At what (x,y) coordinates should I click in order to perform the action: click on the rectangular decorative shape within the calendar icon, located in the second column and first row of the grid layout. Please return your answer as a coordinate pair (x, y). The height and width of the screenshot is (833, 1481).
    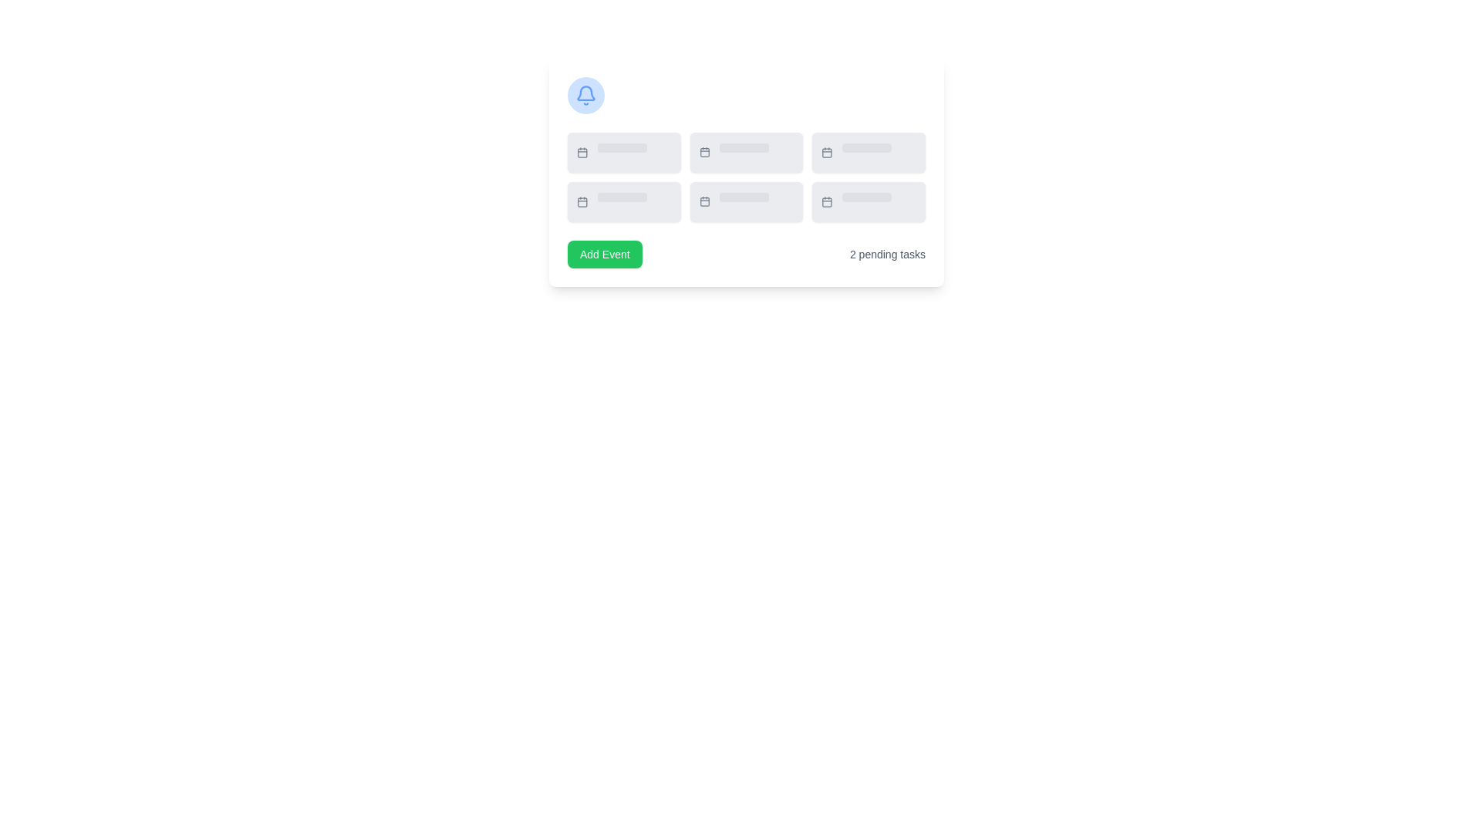
    Looking at the image, I should click on (703, 153).